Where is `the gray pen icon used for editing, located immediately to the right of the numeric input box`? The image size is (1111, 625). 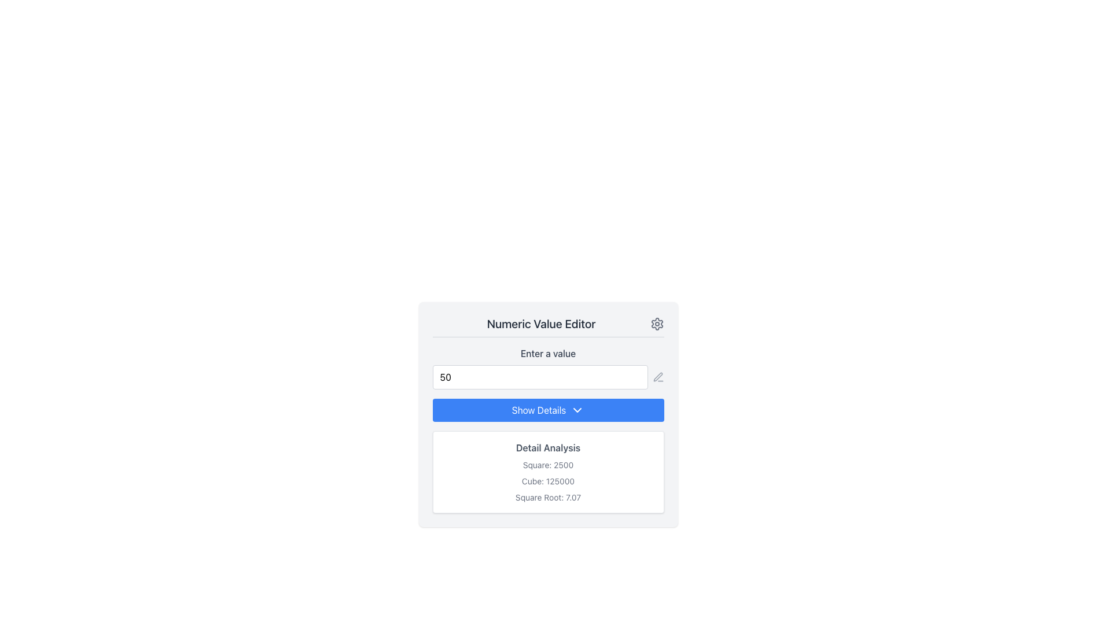
the gray pen icon used for editing, located immediately to the right of the numeric input box is located at coordinates (658, 377).